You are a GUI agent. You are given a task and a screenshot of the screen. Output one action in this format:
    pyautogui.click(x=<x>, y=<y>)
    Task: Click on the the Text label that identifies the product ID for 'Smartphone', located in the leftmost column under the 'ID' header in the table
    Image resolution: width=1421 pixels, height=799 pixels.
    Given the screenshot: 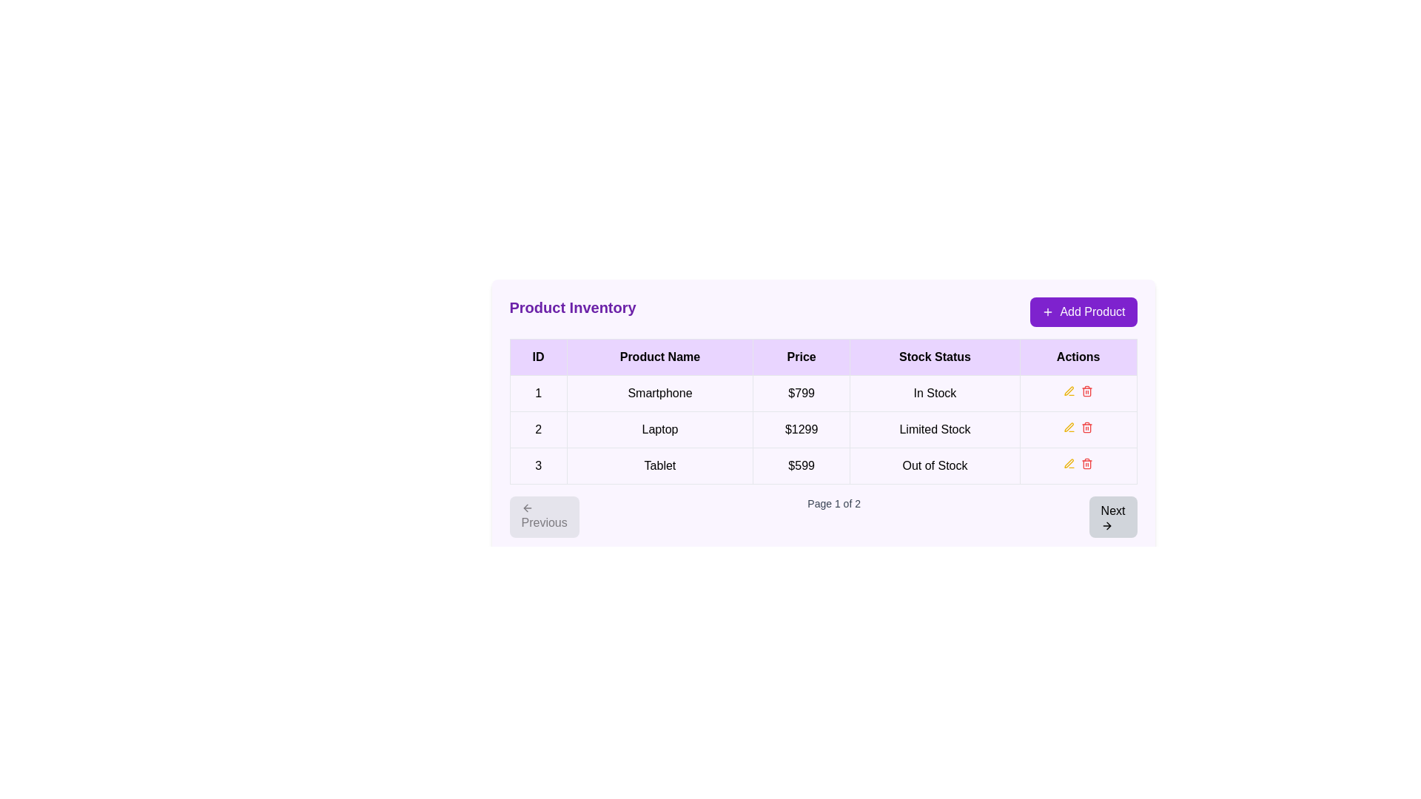 What is the action you would take?
    pyautogui.click(x=537, y=393)
    